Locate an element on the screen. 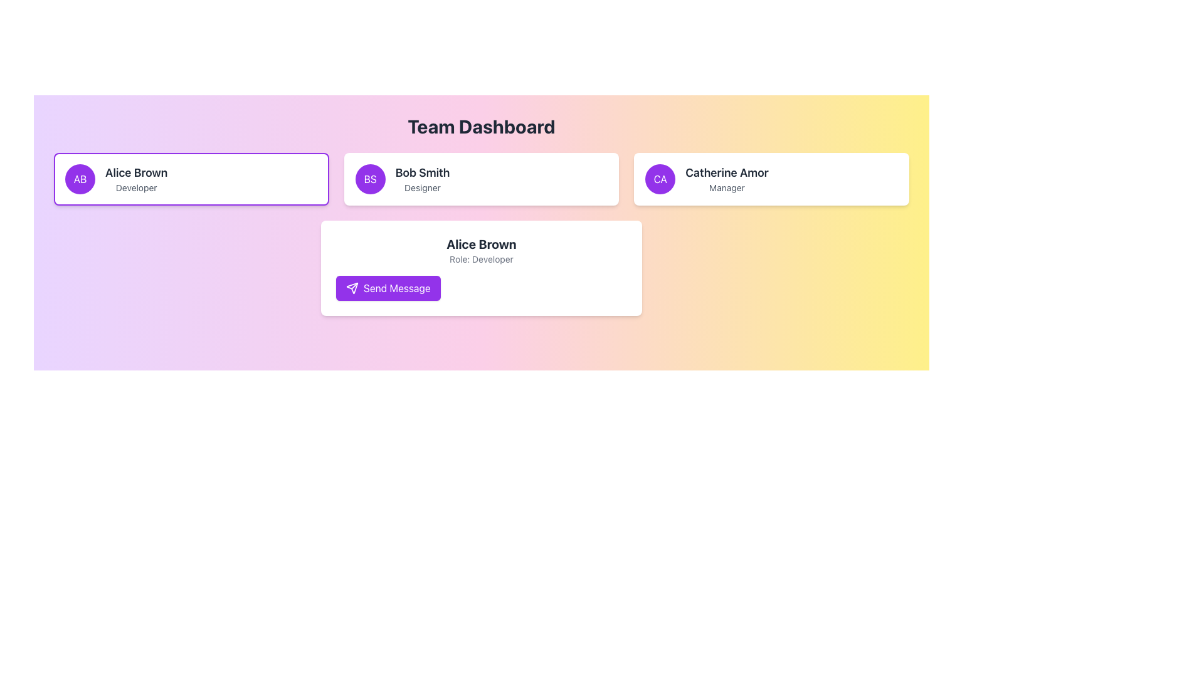 This screenshot has height=677, width=1204. the text label 'Alice Brown' which is styled in large, bold, semibold dark gray font, located in the team card in the top-left section of the interface is located at coordinates (136, 173).